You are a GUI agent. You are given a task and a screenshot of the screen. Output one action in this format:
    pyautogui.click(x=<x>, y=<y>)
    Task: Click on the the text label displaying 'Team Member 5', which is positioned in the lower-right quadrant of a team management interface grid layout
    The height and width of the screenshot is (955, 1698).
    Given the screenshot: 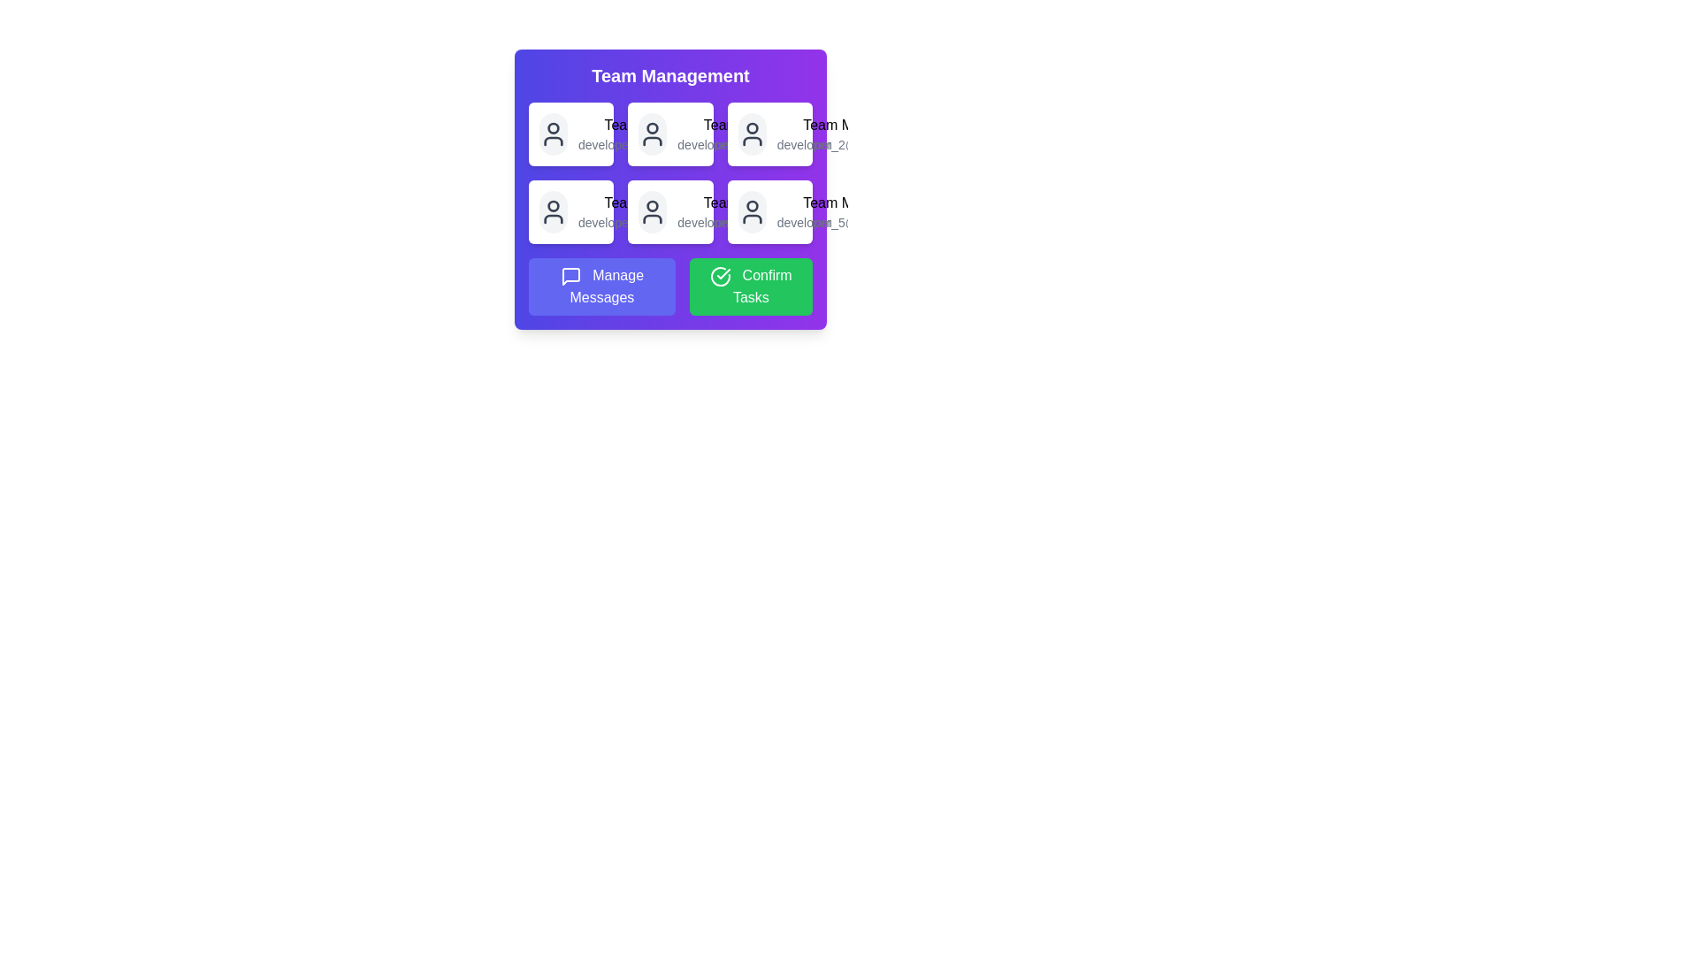 What is the action you would take?
    pyautogui.click(x=754, y=202)
    